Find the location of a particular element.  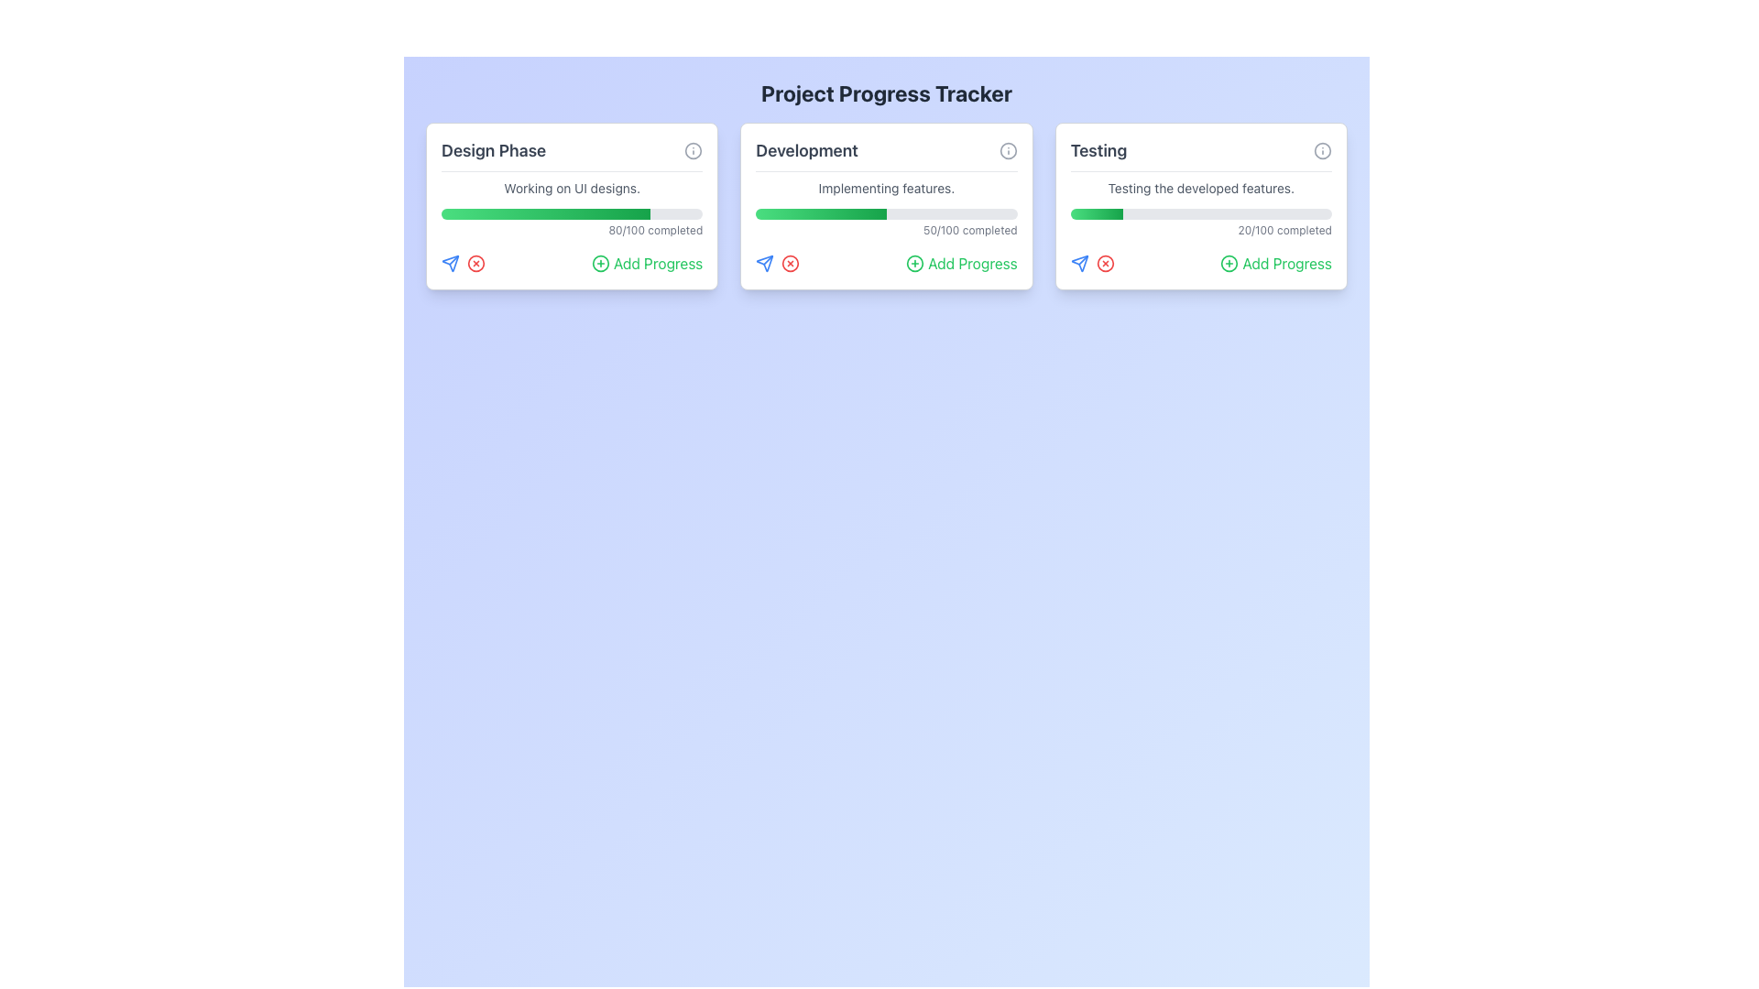

the progress visually by focusing on the horizontal gradient progress bar located in the 'Design Phase' card, which transitions from light green to darker green is located at coordinates (545, 213).